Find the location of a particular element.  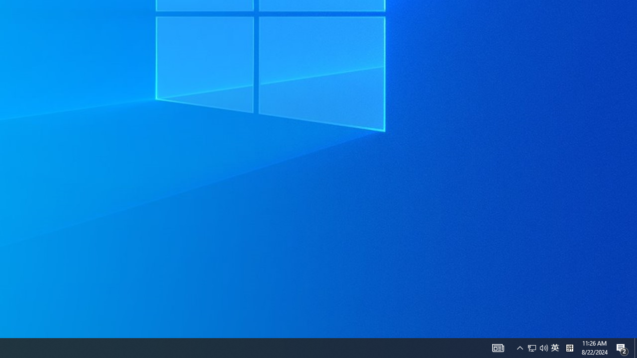

'Notification Chevron' is located at coordinates (543, 347).